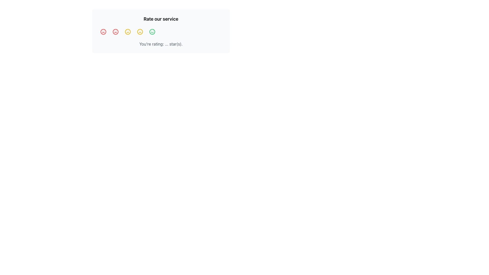  I want to click on the fifth green smiley icon in the 'Rate our service' panel, so click(152, 32).